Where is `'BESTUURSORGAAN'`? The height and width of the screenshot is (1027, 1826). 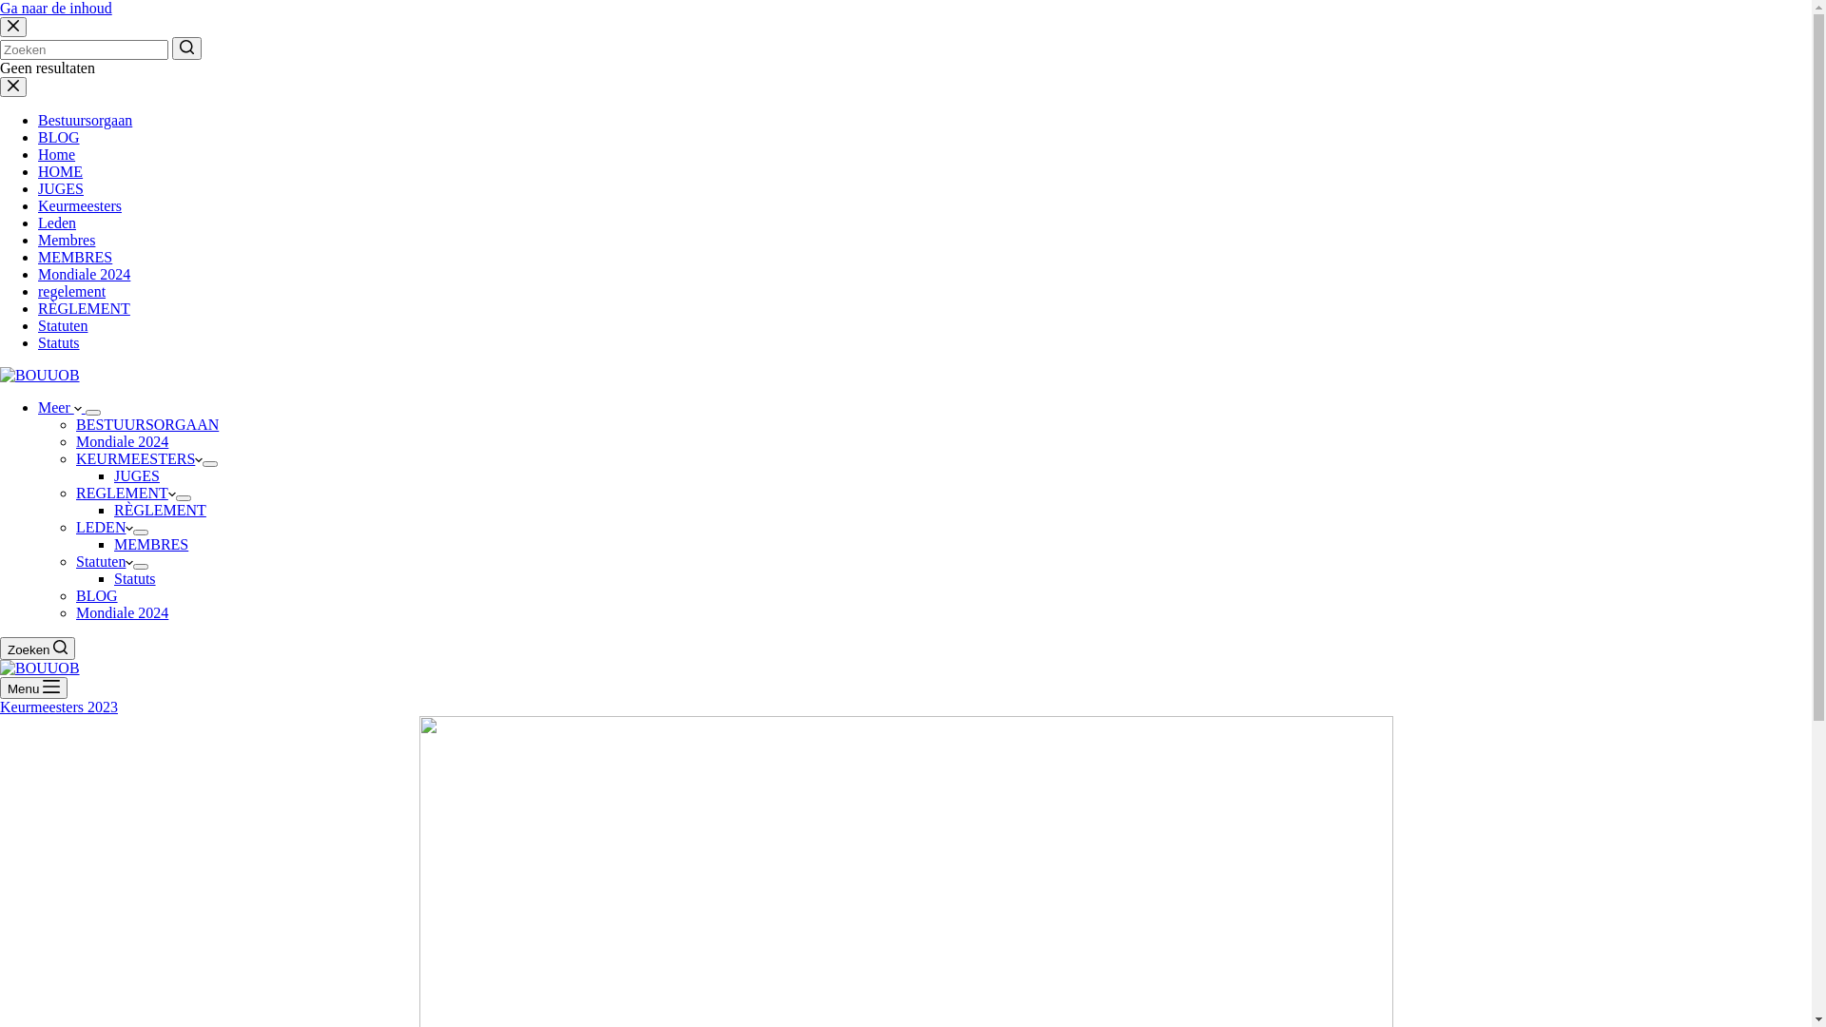
'BESTUURSORGAAN' is located at coordinates (146, 423).